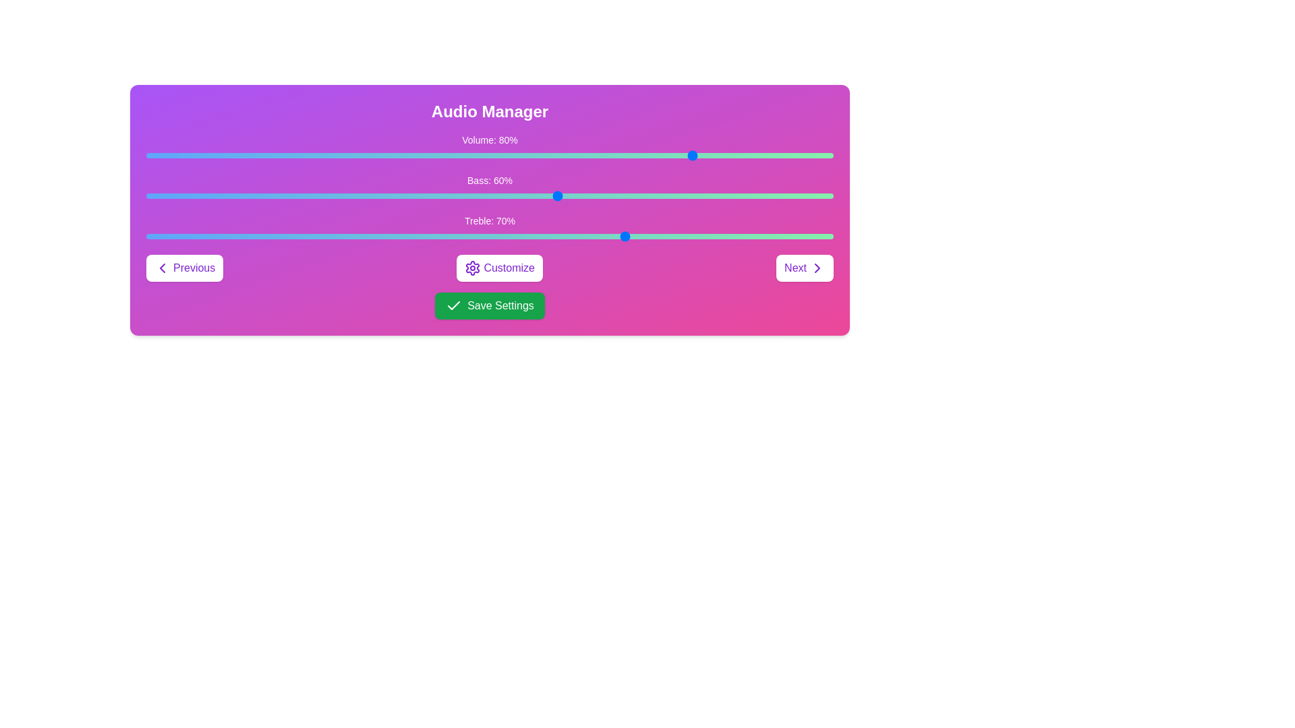 This screenshot has width=1295, height=728. Describe the element at coordinates (489, 228) in the screenshot. I see `the third slider labeled 'Treble: 70%'` at that location.